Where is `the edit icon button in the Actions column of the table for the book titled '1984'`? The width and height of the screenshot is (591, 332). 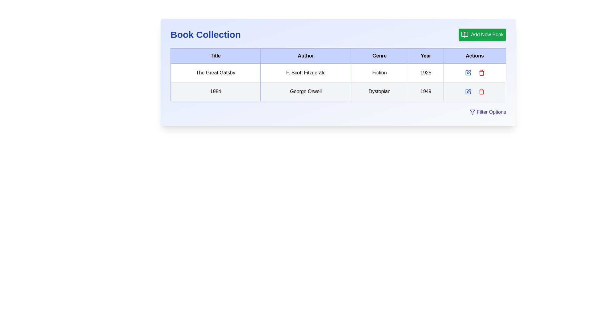 the edit icon button in the Actions column of the table for the book titled '1984' is located at coordinates (468, 91).